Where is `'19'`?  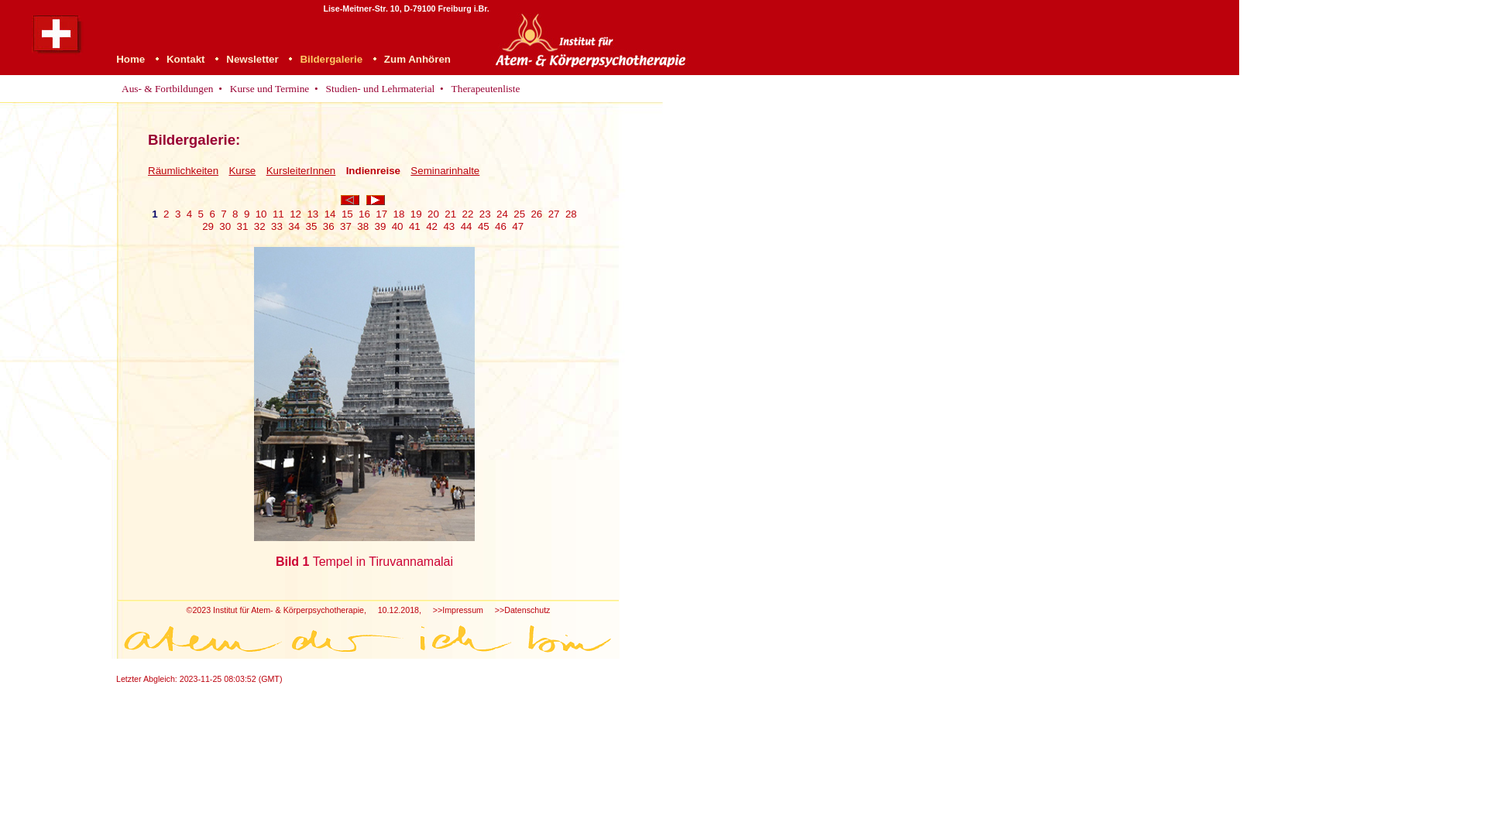 '19' is located at coordinates (416, 214).